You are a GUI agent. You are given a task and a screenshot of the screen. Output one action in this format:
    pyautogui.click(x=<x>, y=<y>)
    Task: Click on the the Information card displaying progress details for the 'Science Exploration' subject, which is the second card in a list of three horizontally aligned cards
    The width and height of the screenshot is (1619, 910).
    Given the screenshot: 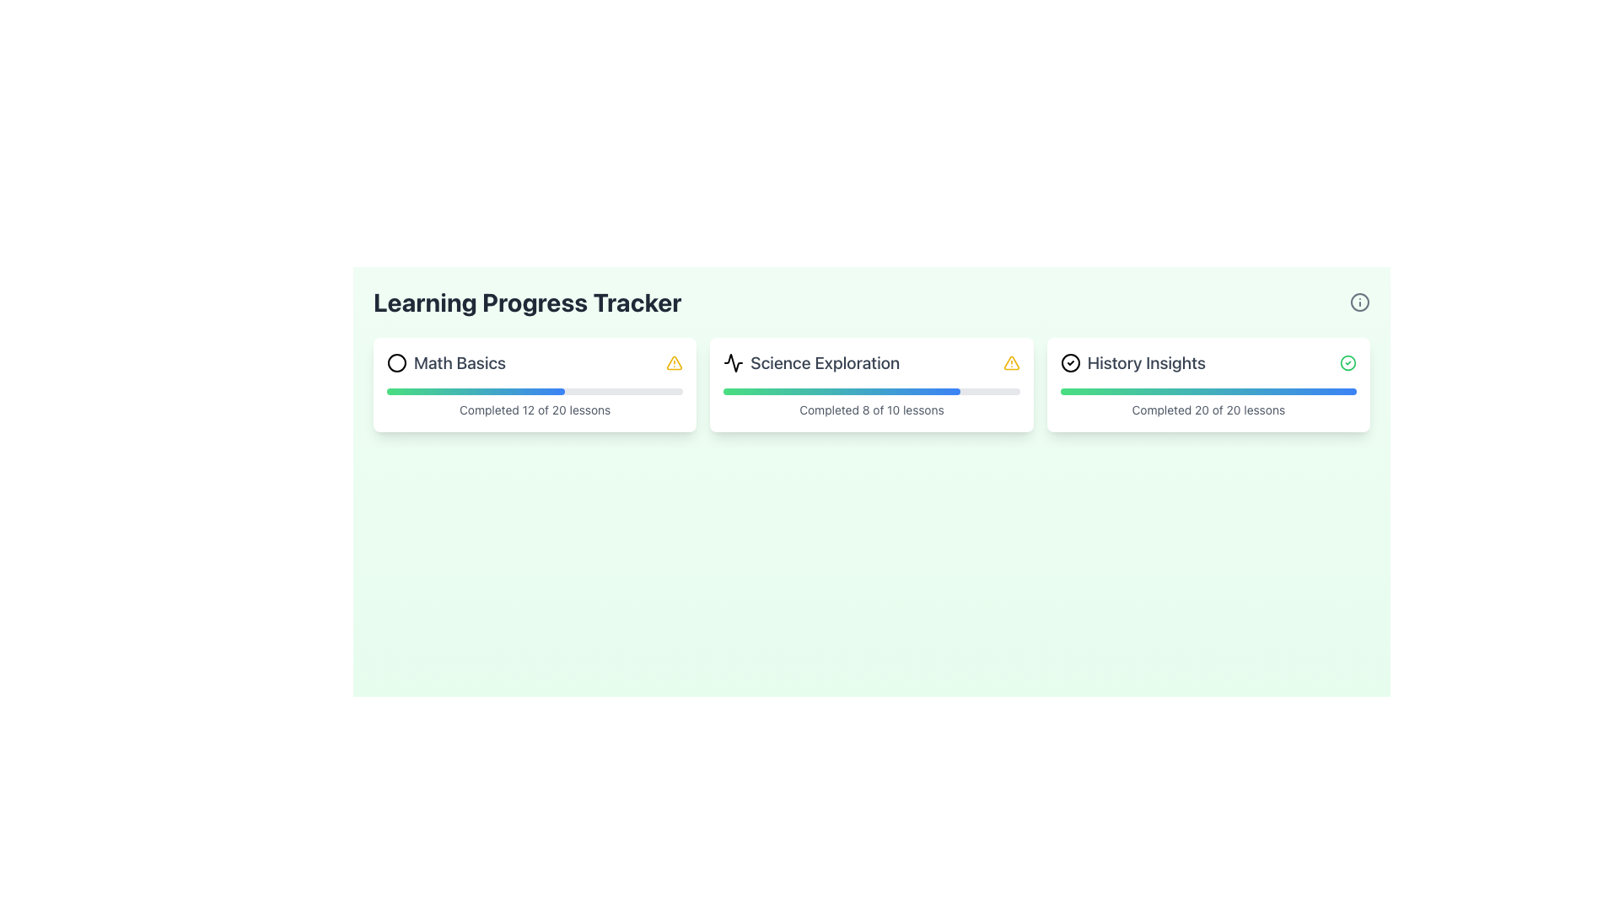 What is the action you would take?
    pyautogui.click(x=871, y=384)
    